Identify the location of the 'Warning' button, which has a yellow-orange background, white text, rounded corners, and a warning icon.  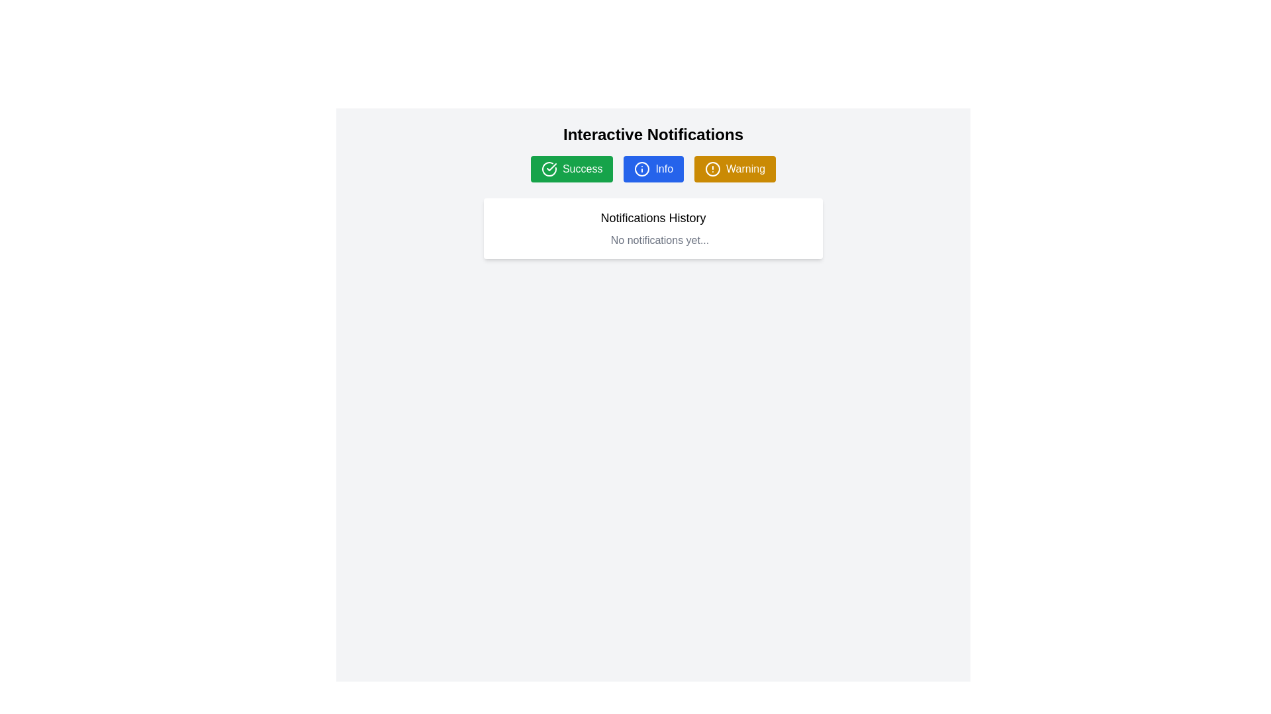
(734, 168).